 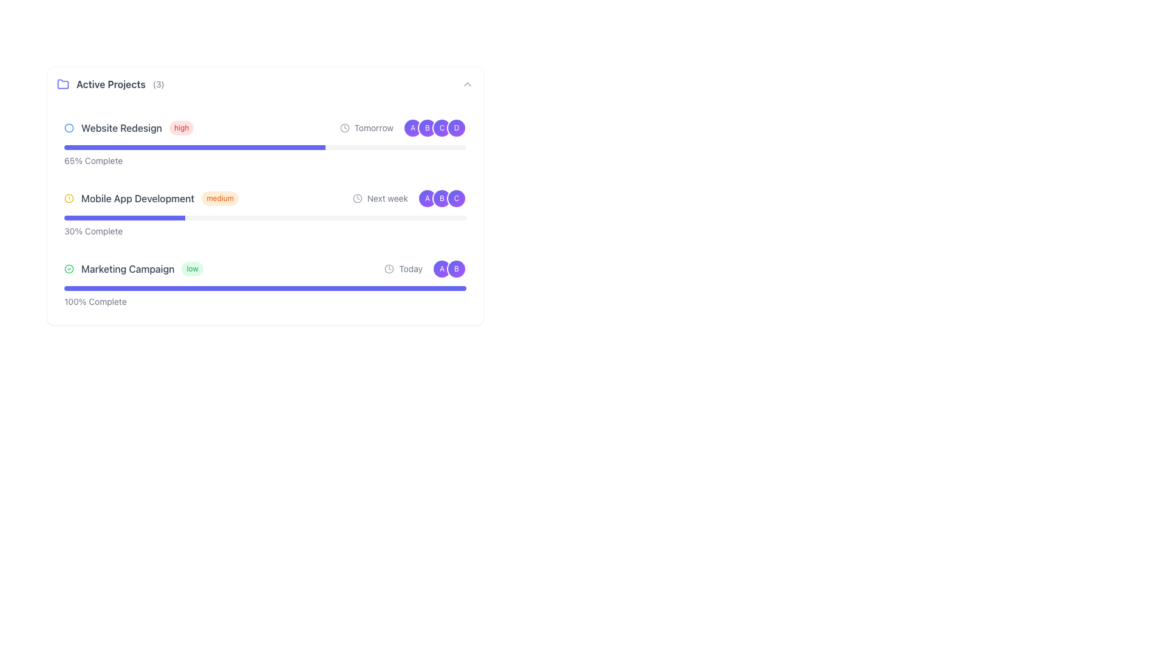 What do you see at coordinates (344, 128) in the screenshot?
I see `the clock icon located to the left of the word 'Tomorrow' in the 'Active Projects' section for the 'Website Redesign' project` at bounding box center [344, 128].